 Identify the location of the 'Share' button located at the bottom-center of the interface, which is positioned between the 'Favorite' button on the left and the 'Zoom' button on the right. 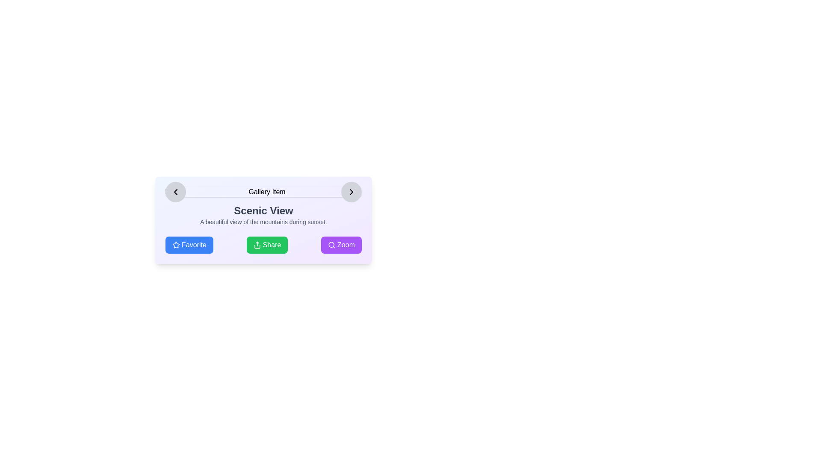
(257, 245).